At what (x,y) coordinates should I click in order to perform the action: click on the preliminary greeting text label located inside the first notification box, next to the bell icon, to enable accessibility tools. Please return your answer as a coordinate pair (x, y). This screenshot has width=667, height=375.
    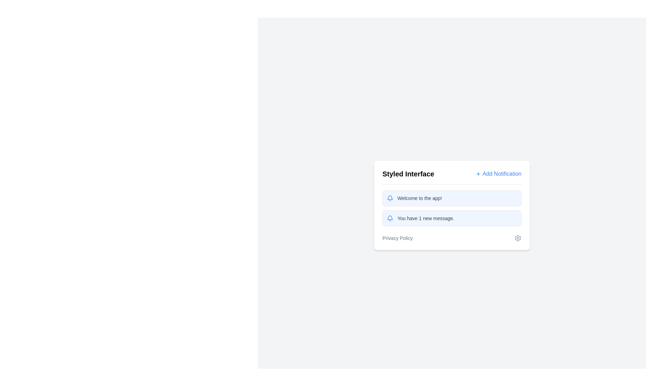
    Looking at the image, I should click on (419, 198).